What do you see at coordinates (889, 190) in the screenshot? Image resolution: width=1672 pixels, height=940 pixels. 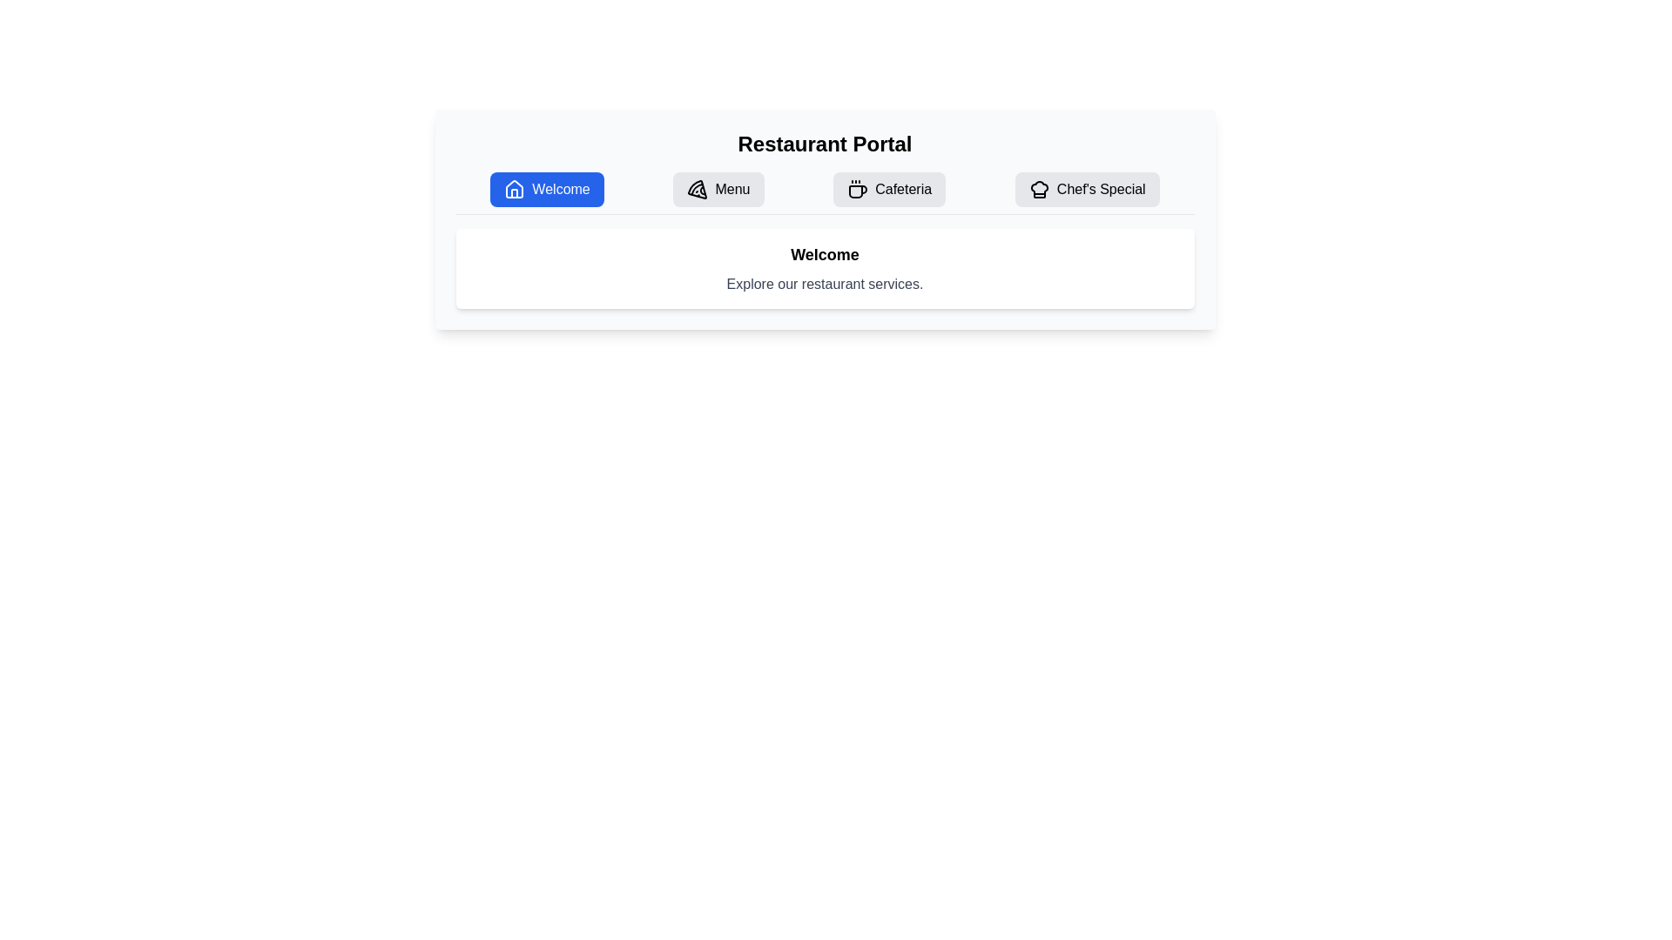 I see `the navigational button located in the second row of the navigation bar, which is the third button from the left` at bounding box center [889, 190].